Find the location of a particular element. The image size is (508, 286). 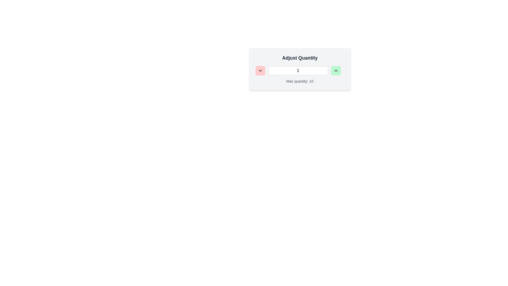

the numeric input field displaying '1' to focus on it is located at coordinates (298, 70).